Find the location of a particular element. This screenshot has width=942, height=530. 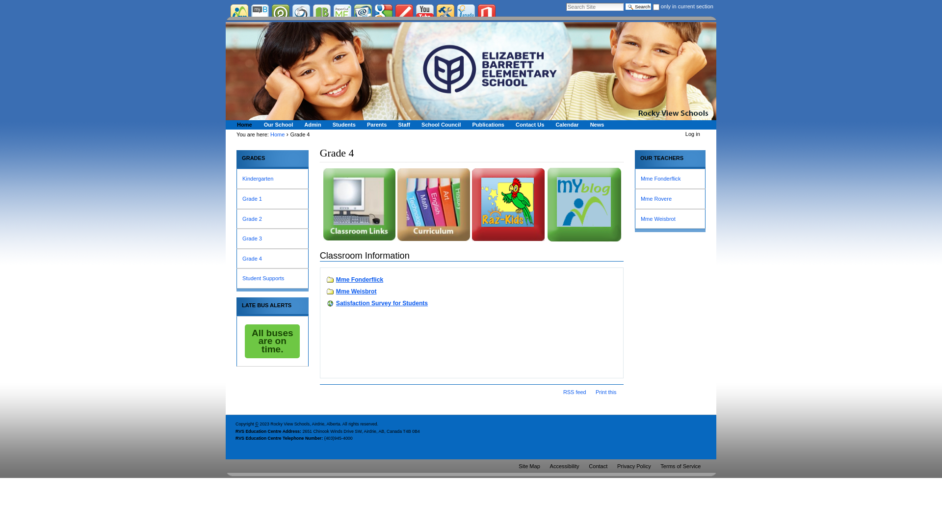

'Grade 3' is located at coordinates (272, 238).